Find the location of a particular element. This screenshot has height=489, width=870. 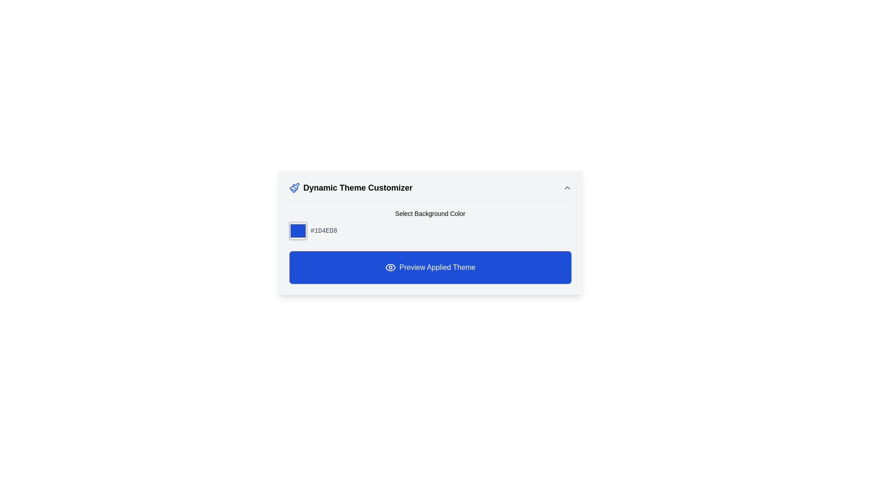

the thematic icon representing the customization functionality of the card labeled 'Dynamic Theme Customizer', located at the top-left corner of the card is located at coordinates (294, 187).